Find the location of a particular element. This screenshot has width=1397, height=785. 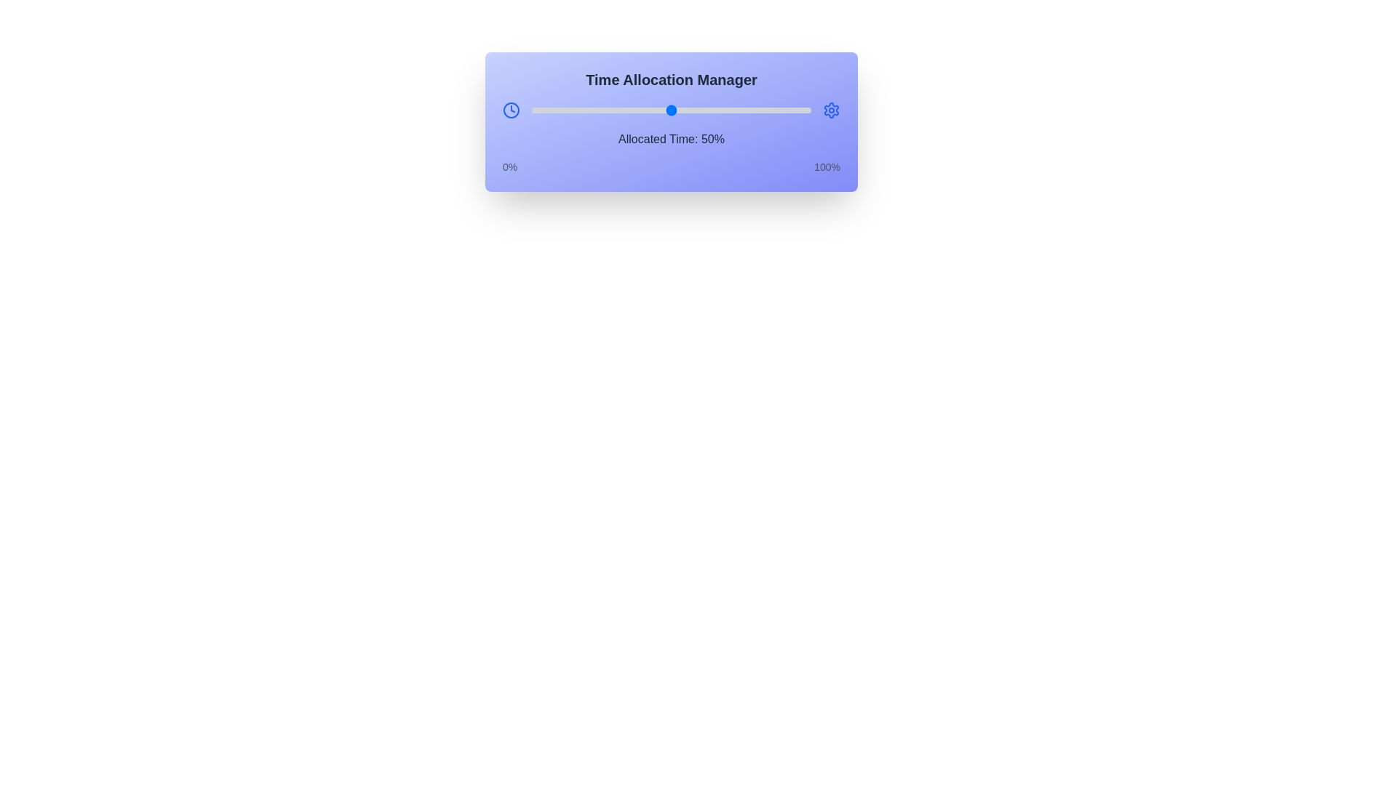

the slider to set the allocated time to 51% is located at coordinates (673, 109).